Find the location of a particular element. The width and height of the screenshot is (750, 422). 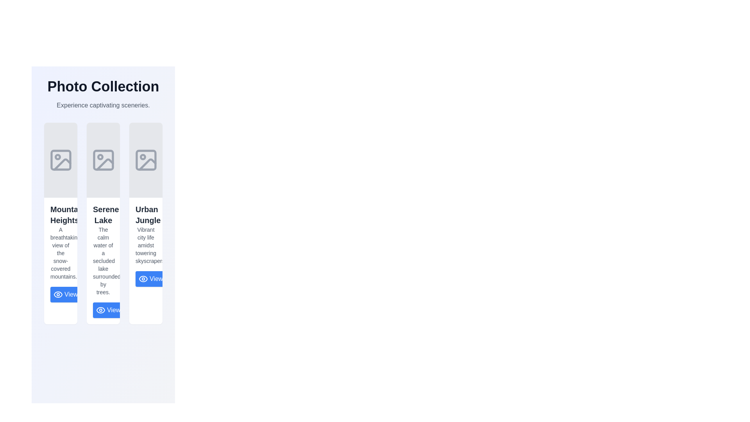

description of the card labeled 'Mountain Heights' which is the first card in a grid layout, located in the top-left corner of the grid is located at coordinates (60, 223).